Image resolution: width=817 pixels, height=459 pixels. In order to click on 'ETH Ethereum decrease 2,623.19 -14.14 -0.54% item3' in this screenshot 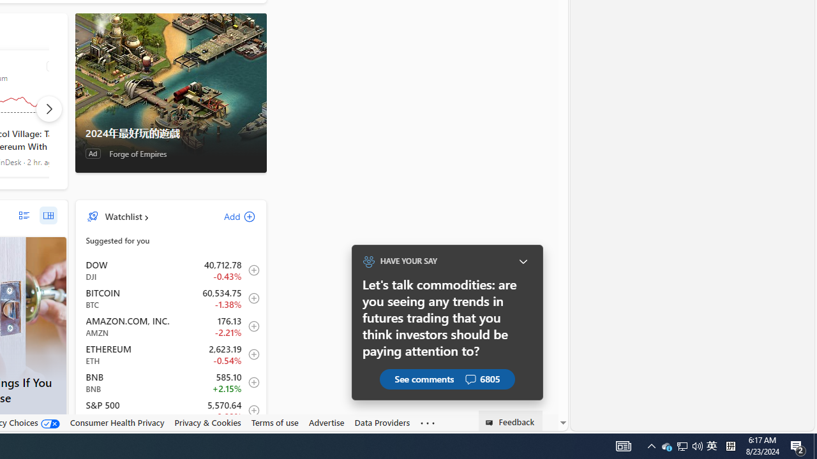, I will do `click(170, 354)`.